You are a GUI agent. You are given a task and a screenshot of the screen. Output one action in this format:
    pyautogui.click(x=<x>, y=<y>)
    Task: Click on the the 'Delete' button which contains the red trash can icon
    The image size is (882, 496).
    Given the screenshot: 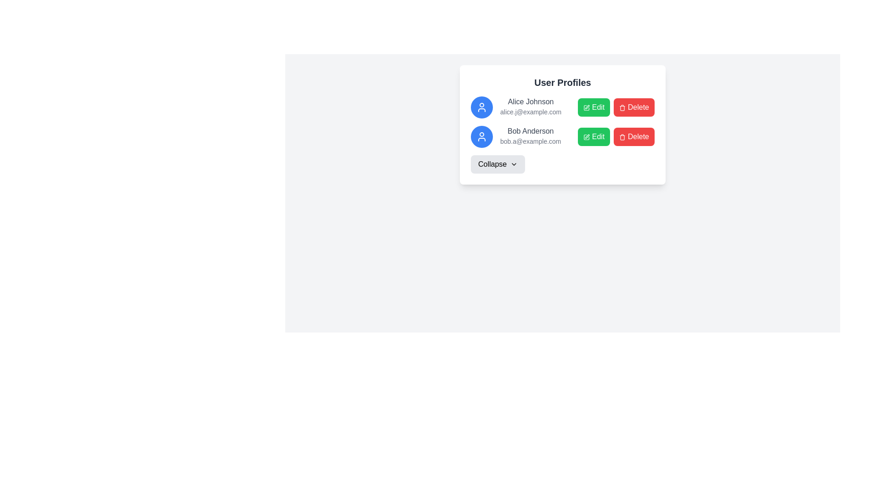 What is the action you would take?
    pyautogui.click(x=622, y=137)
    